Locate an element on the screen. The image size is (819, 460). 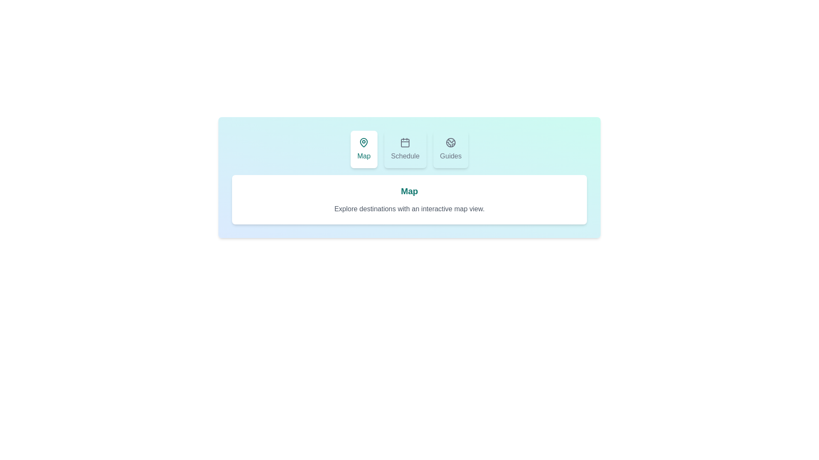
the Guides tab and read its description is located at coordinates (450, 149).